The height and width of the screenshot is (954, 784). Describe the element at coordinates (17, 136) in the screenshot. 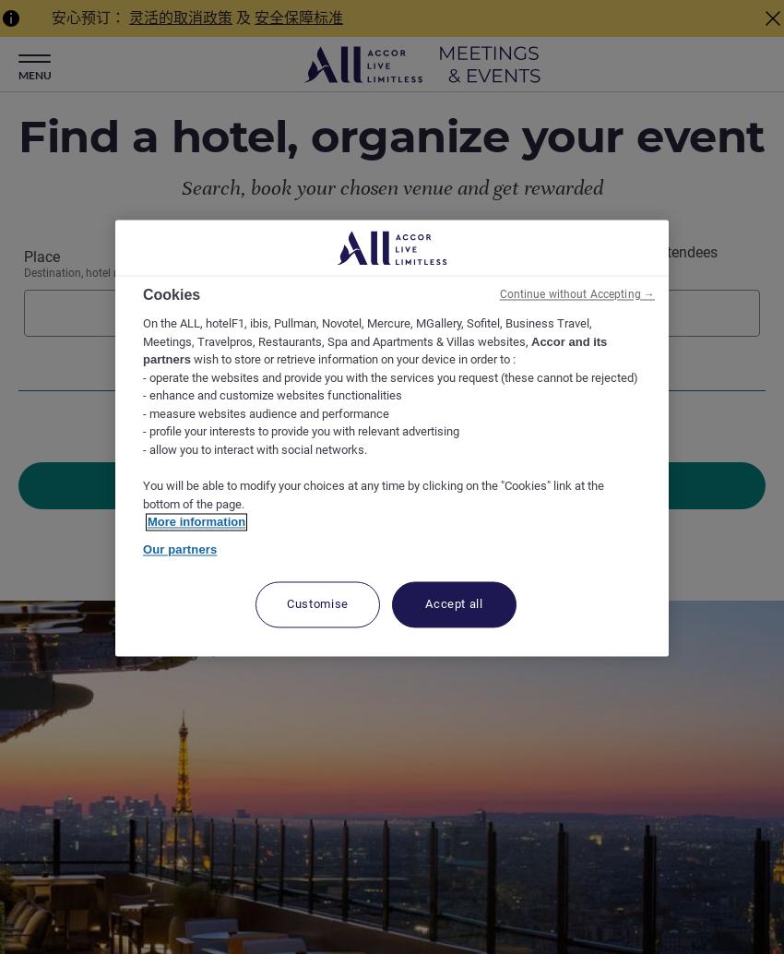

I see `'Find a hotel, organize your event'` at that location.